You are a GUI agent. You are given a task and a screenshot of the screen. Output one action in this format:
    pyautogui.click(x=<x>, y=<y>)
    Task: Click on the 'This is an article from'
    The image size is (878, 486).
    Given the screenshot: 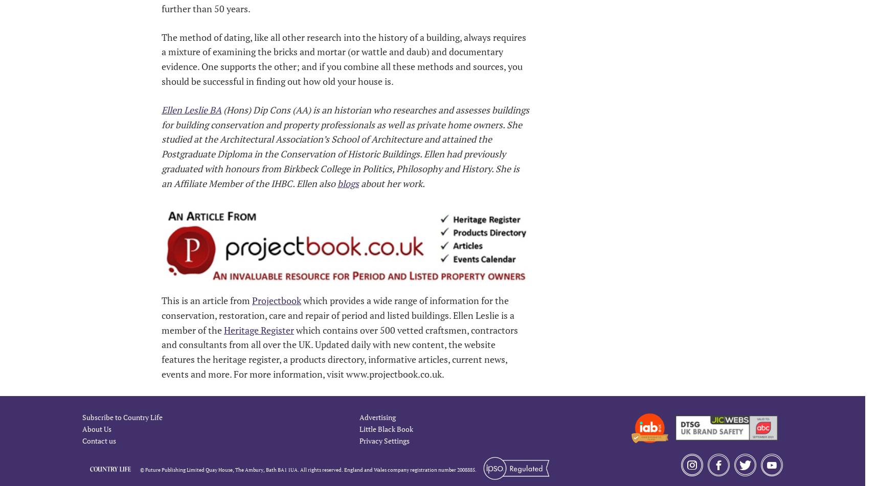 What is the action you would take?
    pyautogui.click(x=206, y=299)
    